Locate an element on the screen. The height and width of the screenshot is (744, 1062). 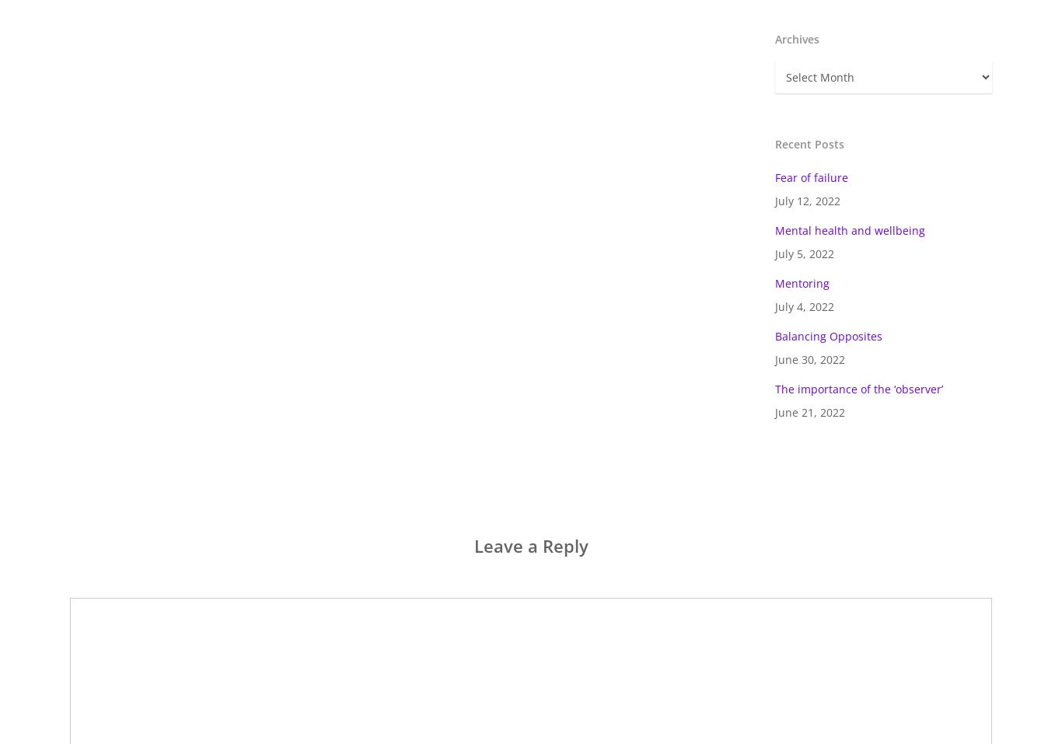
'The importance of the ‘observer’' is located at coordinates (858, 389).